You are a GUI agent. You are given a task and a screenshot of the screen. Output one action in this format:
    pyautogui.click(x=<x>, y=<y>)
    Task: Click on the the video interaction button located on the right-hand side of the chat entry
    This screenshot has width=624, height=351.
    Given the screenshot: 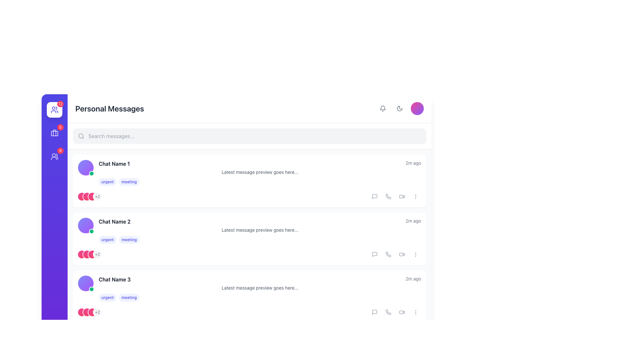 What is the action you would take?
    pyautogui.click(x=401, y=196)
    